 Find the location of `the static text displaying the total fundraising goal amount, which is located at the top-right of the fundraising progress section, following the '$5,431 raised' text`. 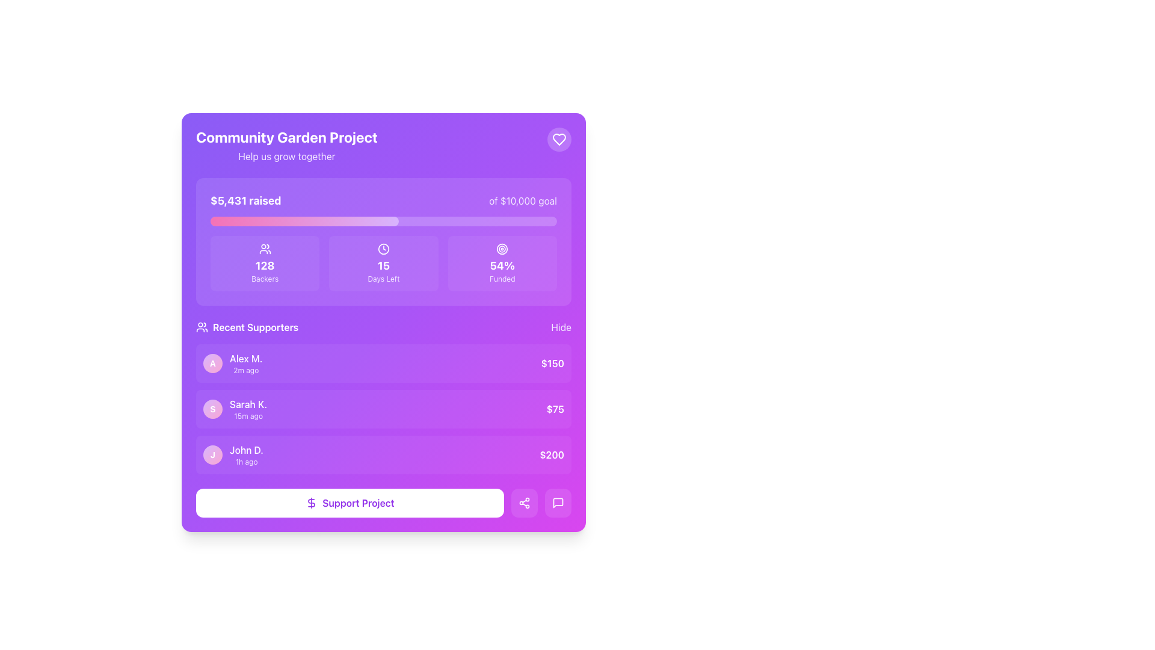

the static text displaying the total fundraising goal amount, which is located at the top-right of the fundraising progress section, following the '$5,431 raised' text is located at coordinates (523, 200).